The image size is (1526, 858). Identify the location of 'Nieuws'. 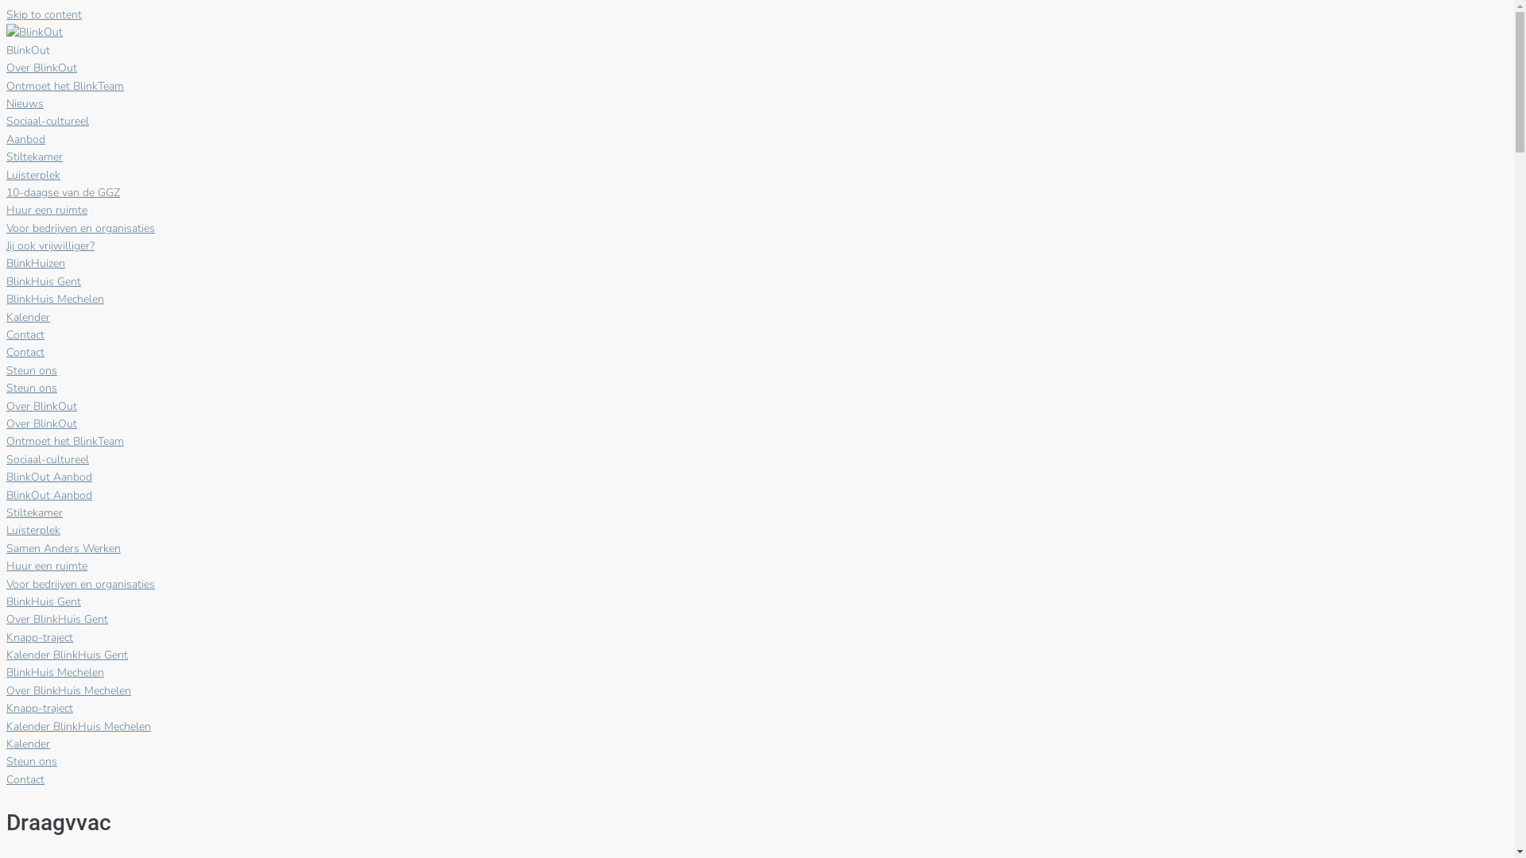
(25, 103).